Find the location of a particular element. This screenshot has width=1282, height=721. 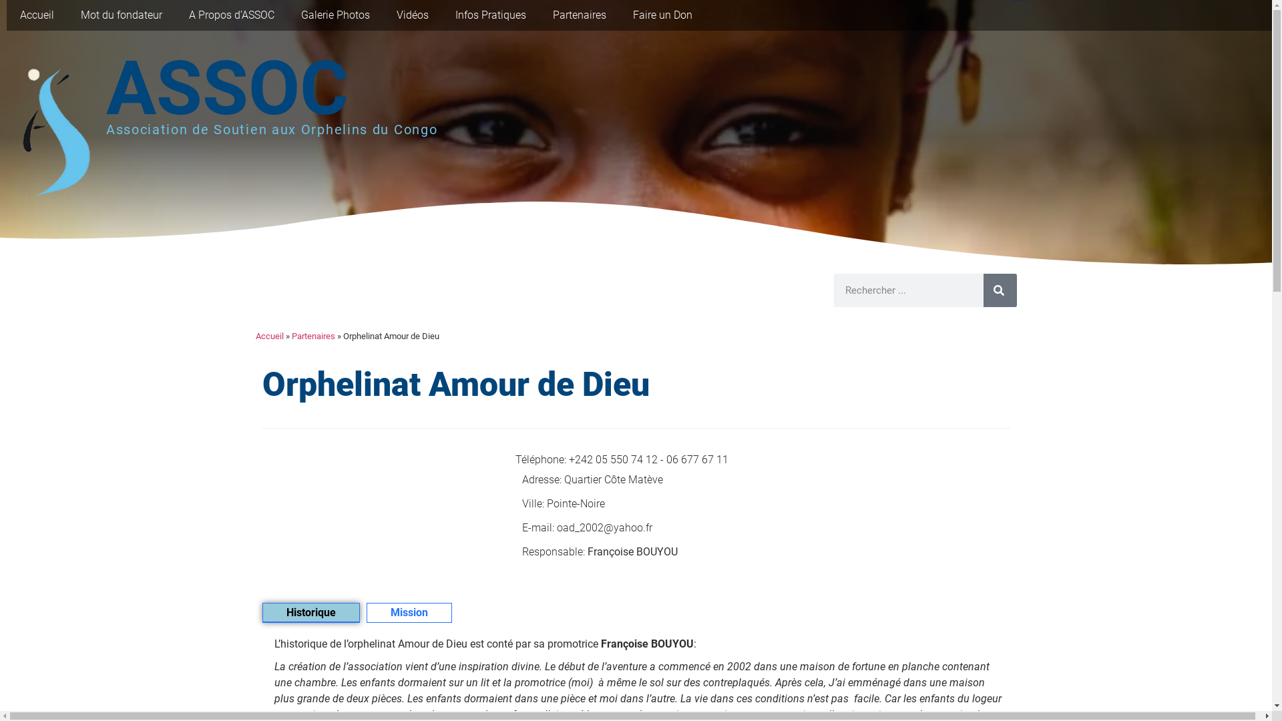

'Galerie Photos' is located at coordinates (335, 15).